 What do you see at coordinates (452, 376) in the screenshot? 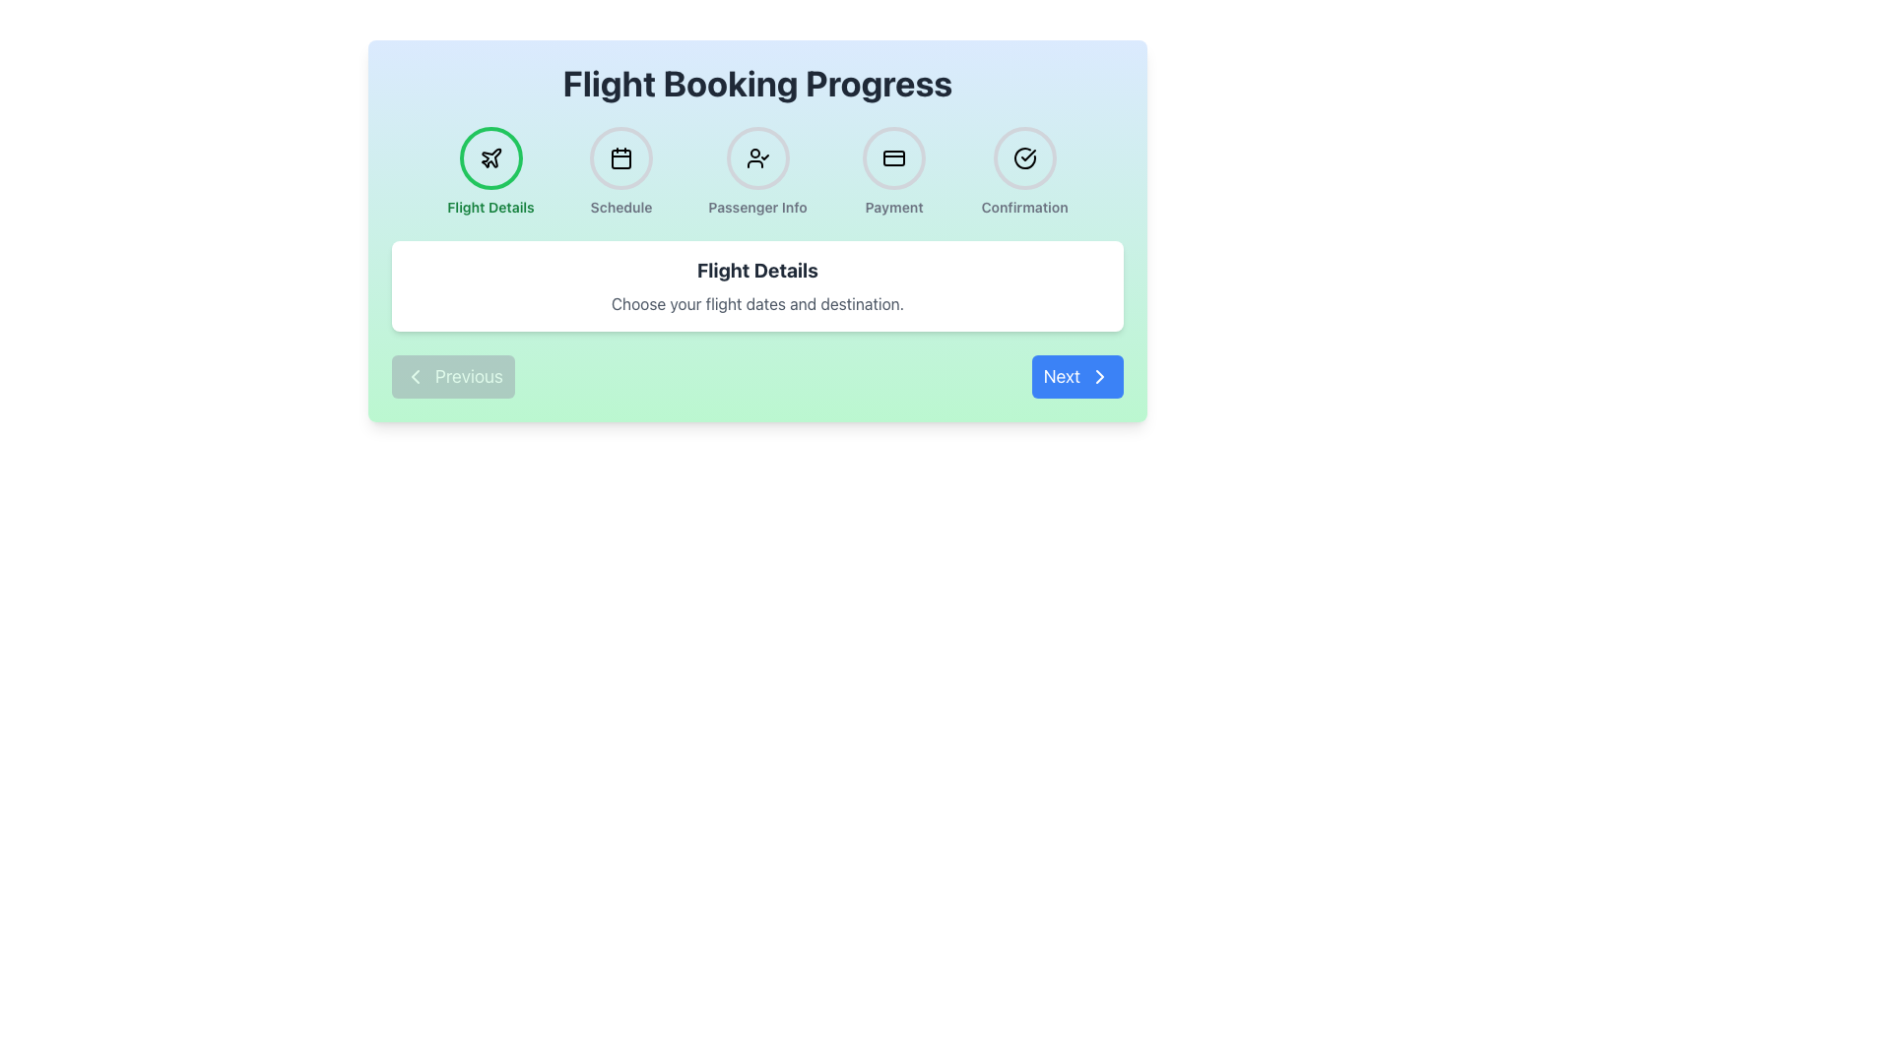
I see `the navigational button located in the bottom-left section of the card, adjacent to the text 'Flight Details'` at bounding box center [452, 376].